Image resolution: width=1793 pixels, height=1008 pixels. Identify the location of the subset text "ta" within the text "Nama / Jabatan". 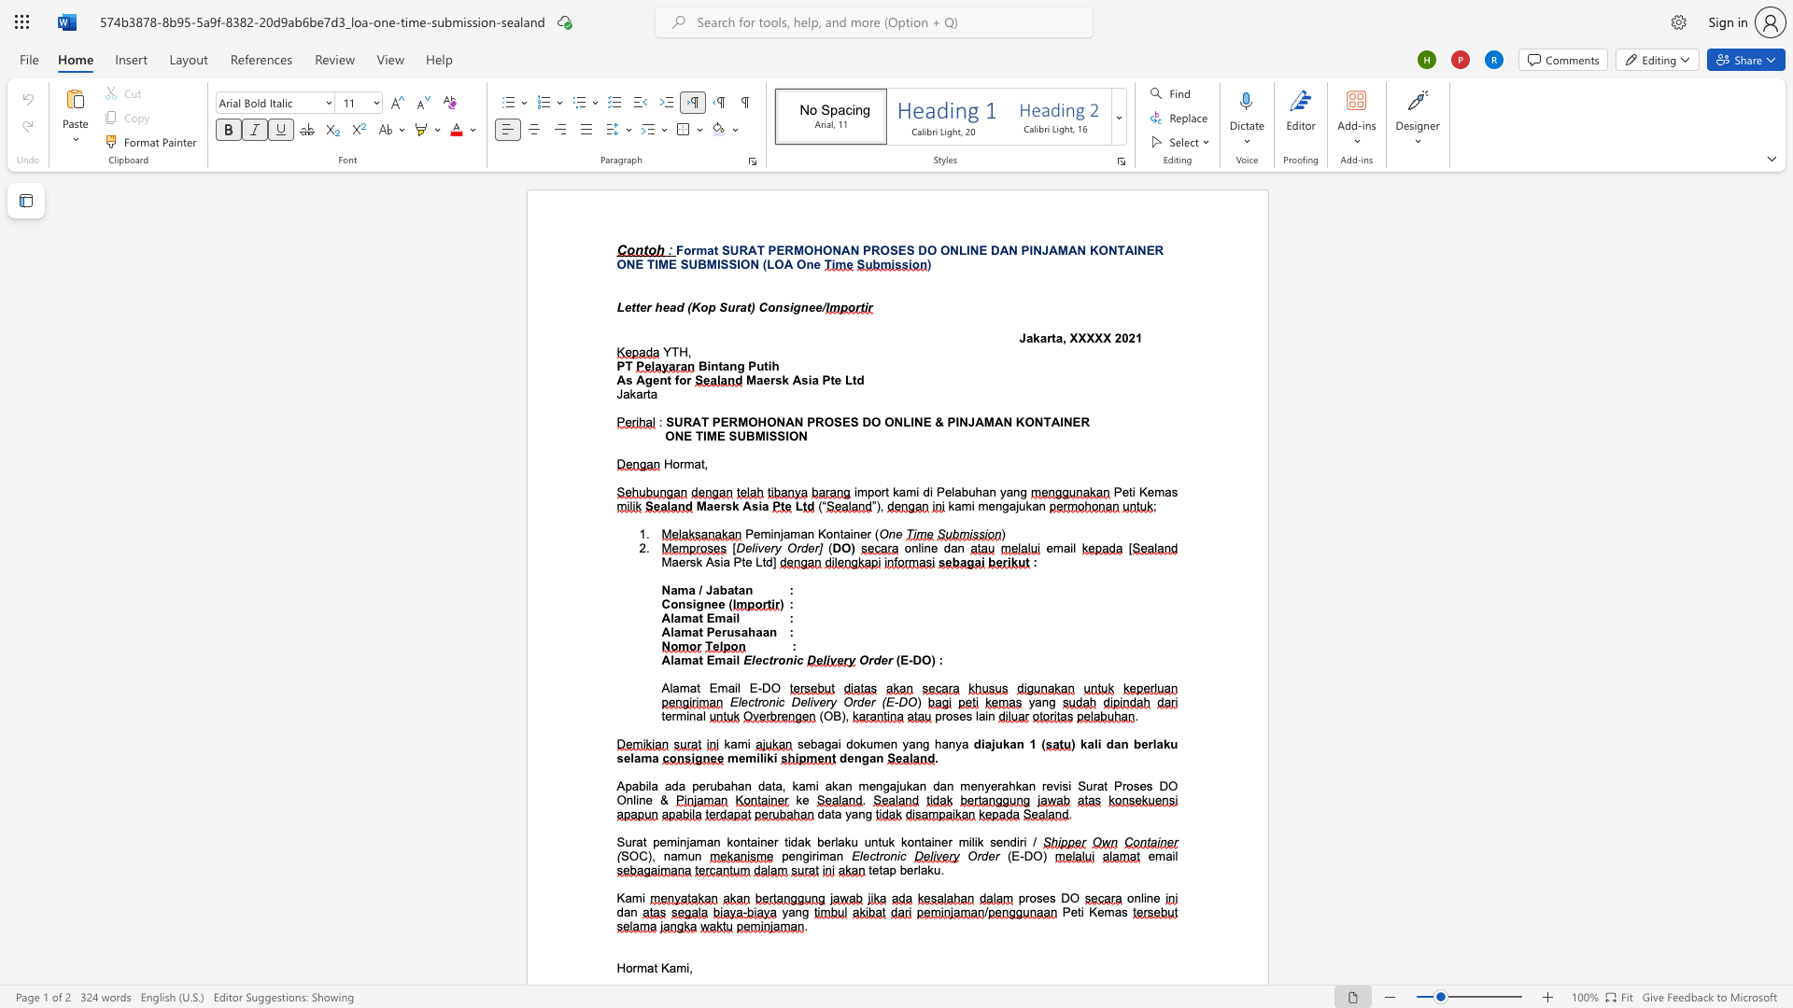
(733, 590).